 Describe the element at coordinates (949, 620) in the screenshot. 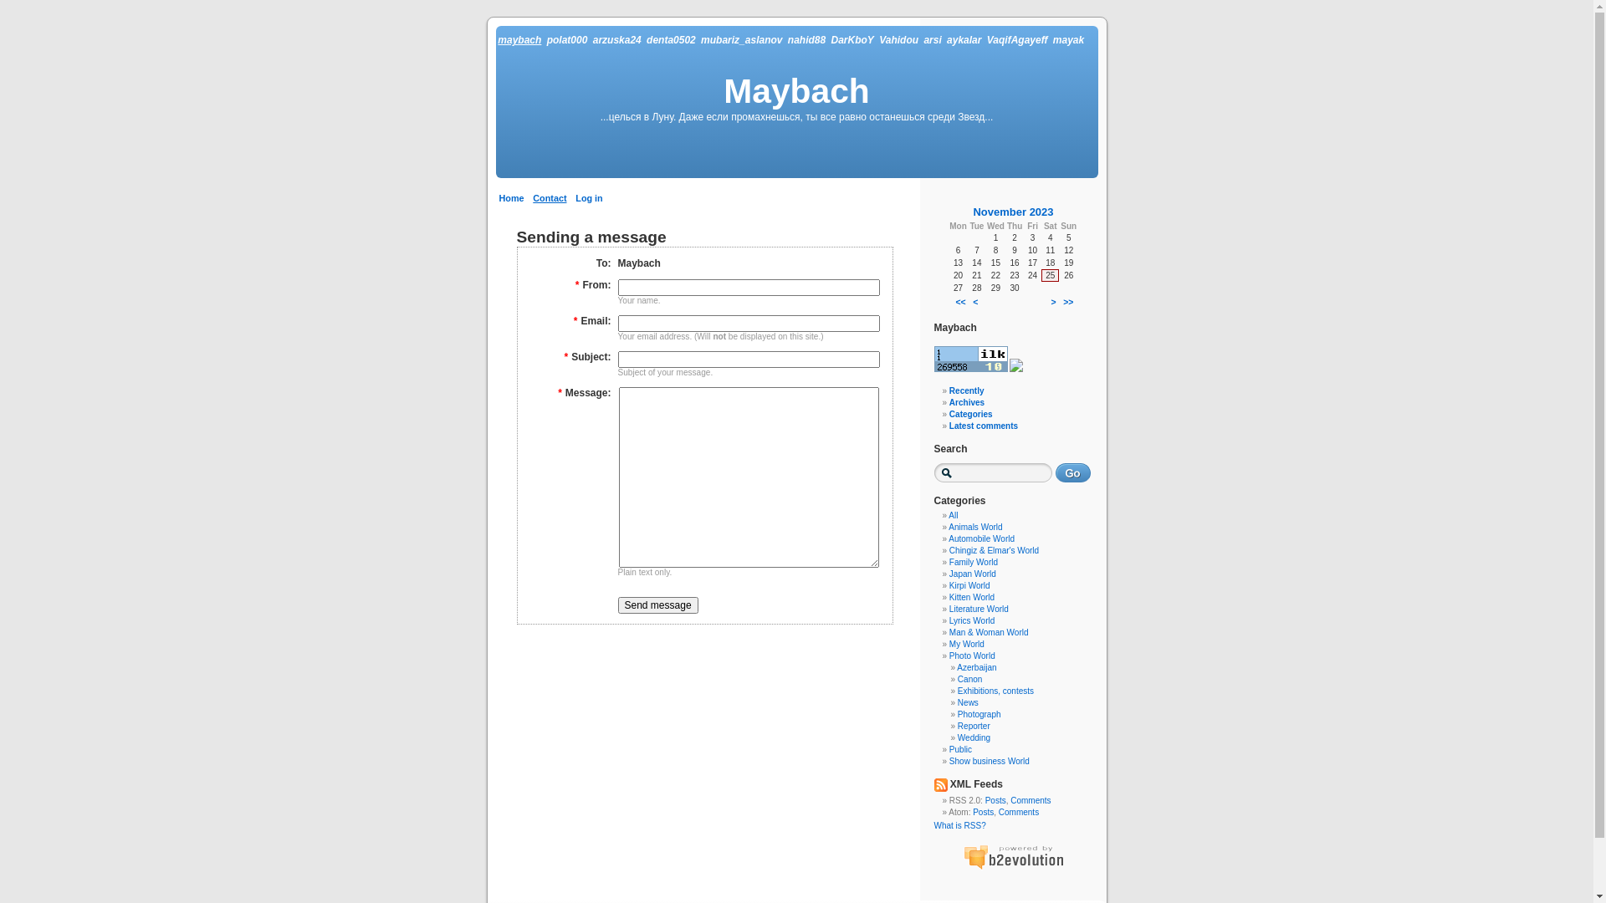

I see `'Lyrics World'` at that location.